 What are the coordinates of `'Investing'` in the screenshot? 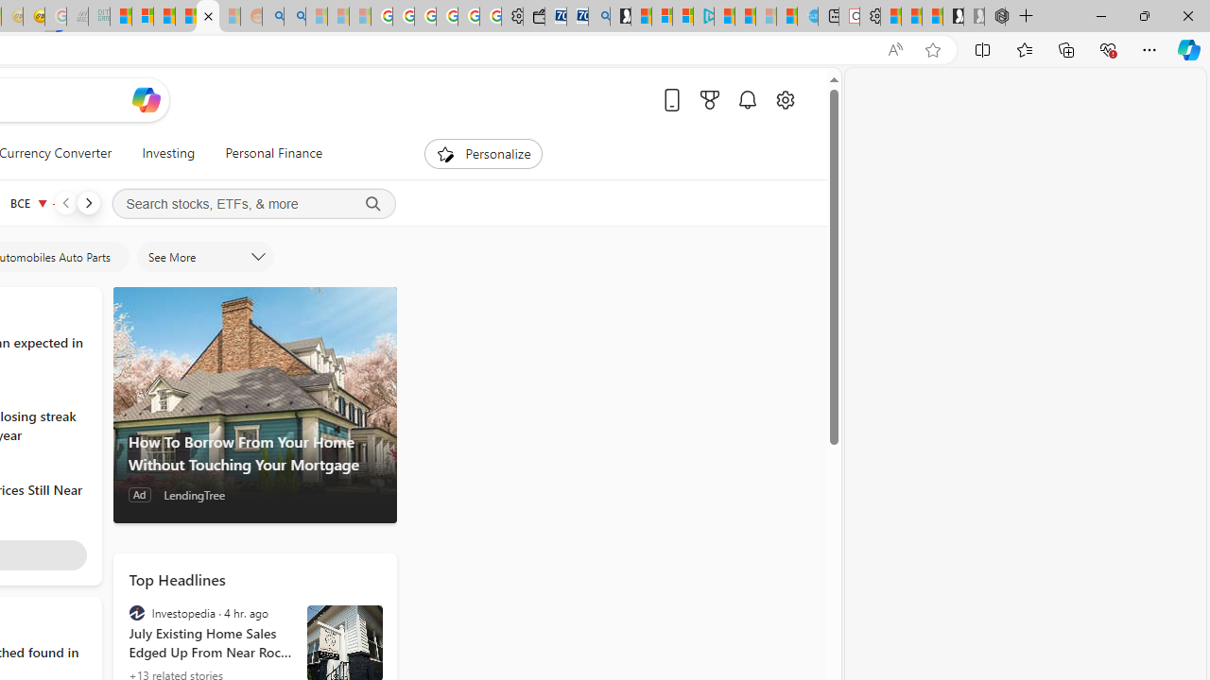 It's located at (168, 153).